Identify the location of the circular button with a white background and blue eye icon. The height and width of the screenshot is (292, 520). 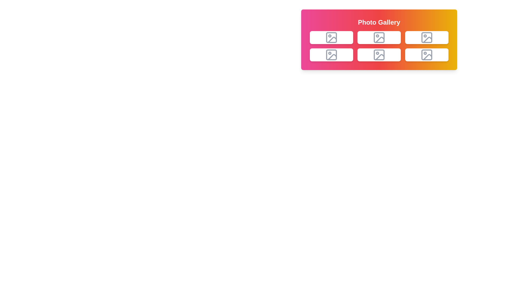
(324, 37).